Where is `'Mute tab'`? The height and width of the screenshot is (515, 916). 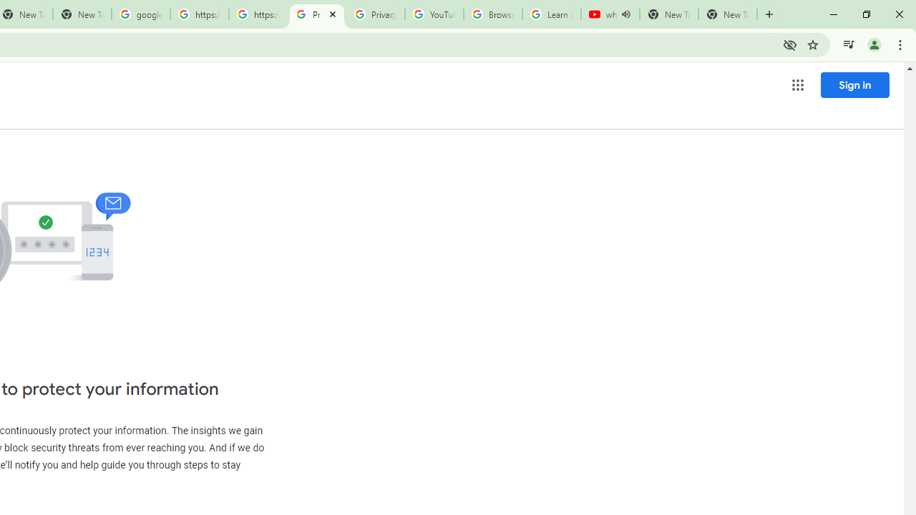
'Mute tab' is located at coordinates (625, 14).